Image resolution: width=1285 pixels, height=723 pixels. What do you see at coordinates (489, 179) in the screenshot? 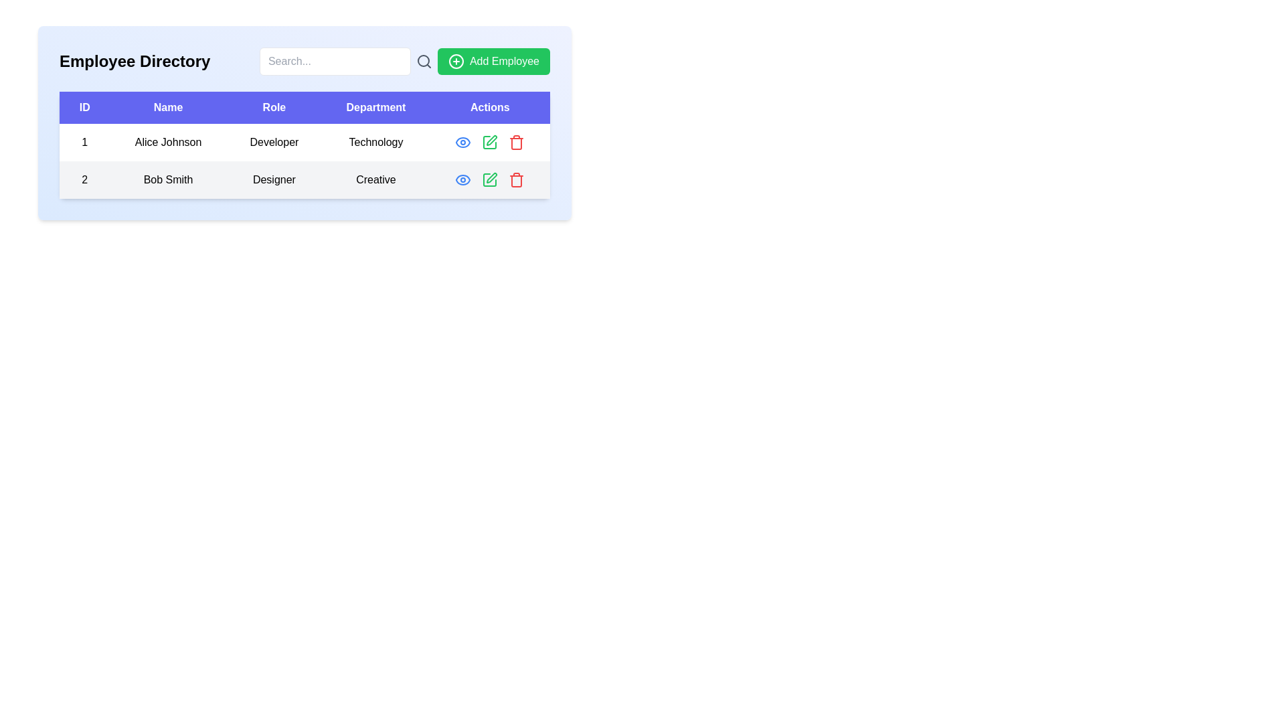
I see `the editing button in the 'Actions' column of the second row in the 'Employee Directory' table` at bounding box center [489, 179].